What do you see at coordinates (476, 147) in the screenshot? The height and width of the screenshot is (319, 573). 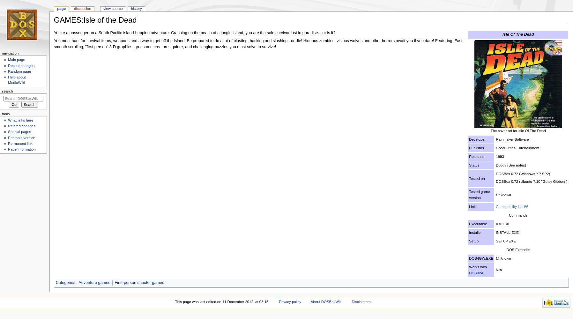 I see `'Publisher'` at bounding box center [476, 147].